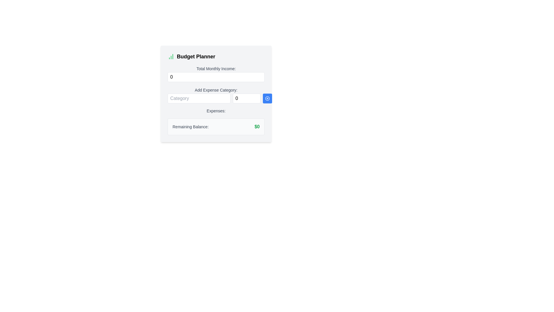  What do you see at coordinates (216, 111) in the screenshot?
I see `the Text label that indicates the section for displaying or inputting expenses, positioned centrally below 'Add Expense Category:' and above 'Remaining Balance:' in the budgeting interface` at bounding box center [216, 111].